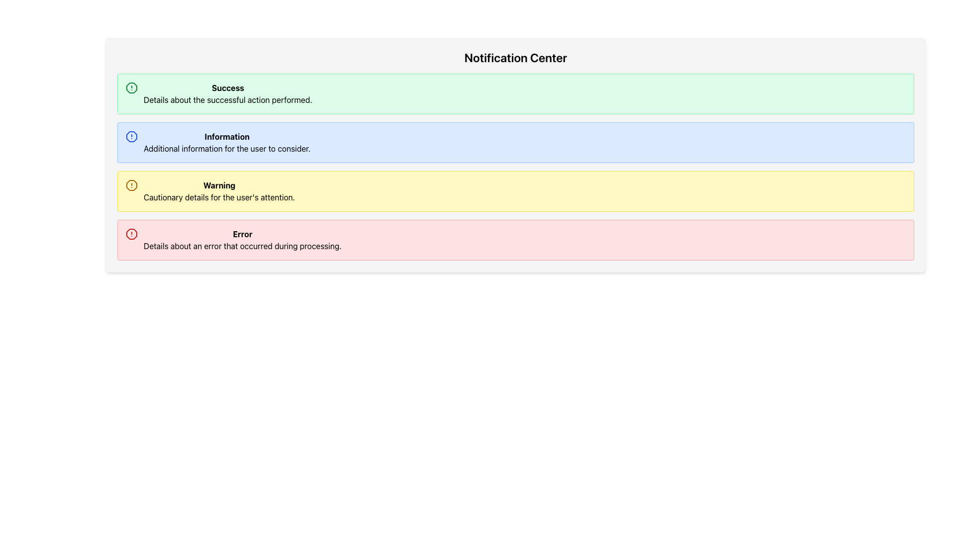 The height and width of the screenshot is (537, 955). I want to click on the success alert notification icon located at the top left of the 'Success' notification card in the notification center, so click(131, 88).